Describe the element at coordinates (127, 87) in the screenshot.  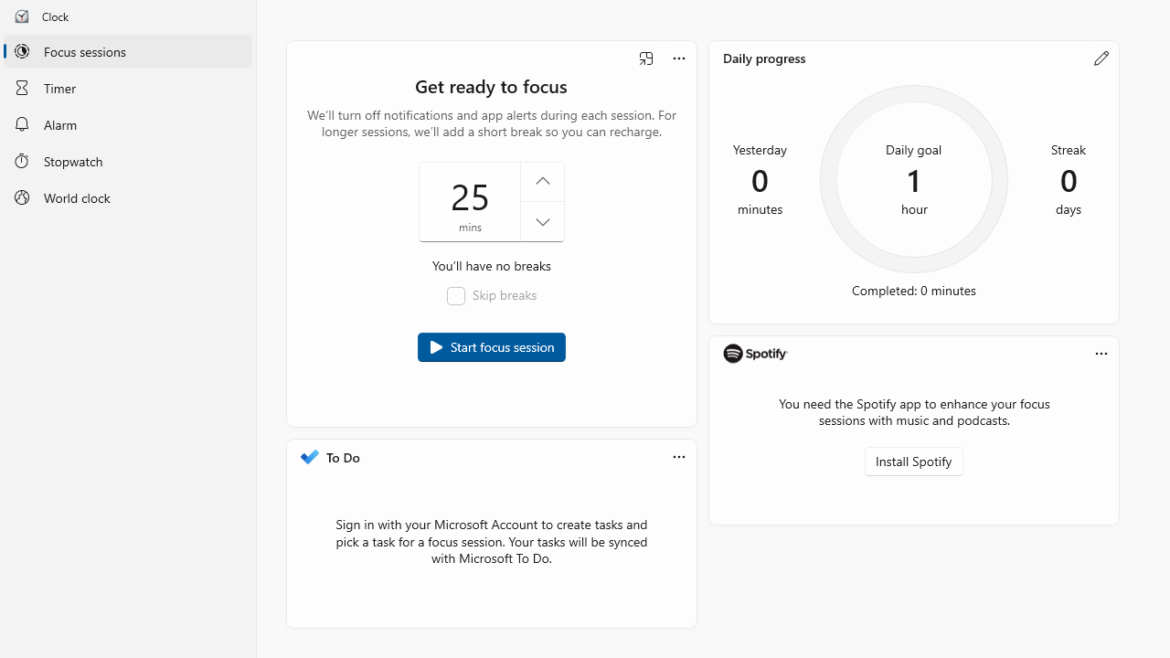
I see `'Timer'` at that location.